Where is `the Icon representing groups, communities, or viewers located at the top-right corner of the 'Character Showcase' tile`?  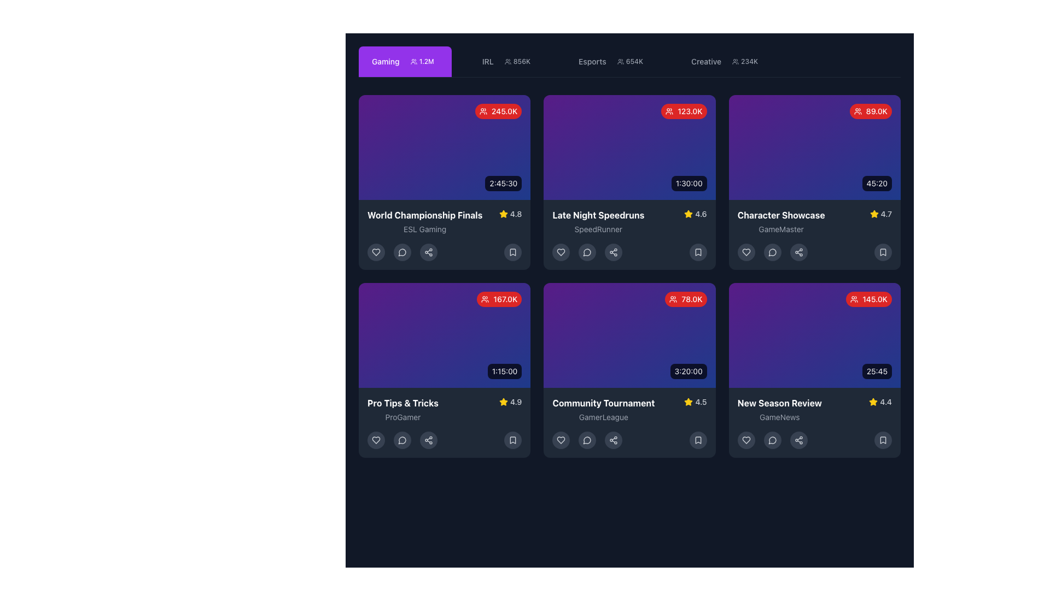
the Icon representing groups, communities, or viewers located at the top-right corner of the 'Character Showcase' tile is located at coordinates (857, 111).